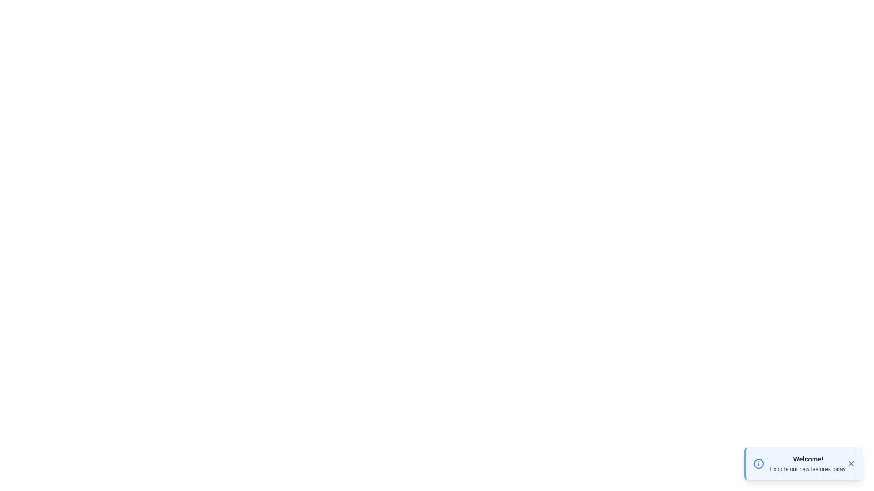  What do you see at coordinates (808, 463) in the screenshot?
I see `the snackbar text area to read its content` at bounding box center [808, 463].